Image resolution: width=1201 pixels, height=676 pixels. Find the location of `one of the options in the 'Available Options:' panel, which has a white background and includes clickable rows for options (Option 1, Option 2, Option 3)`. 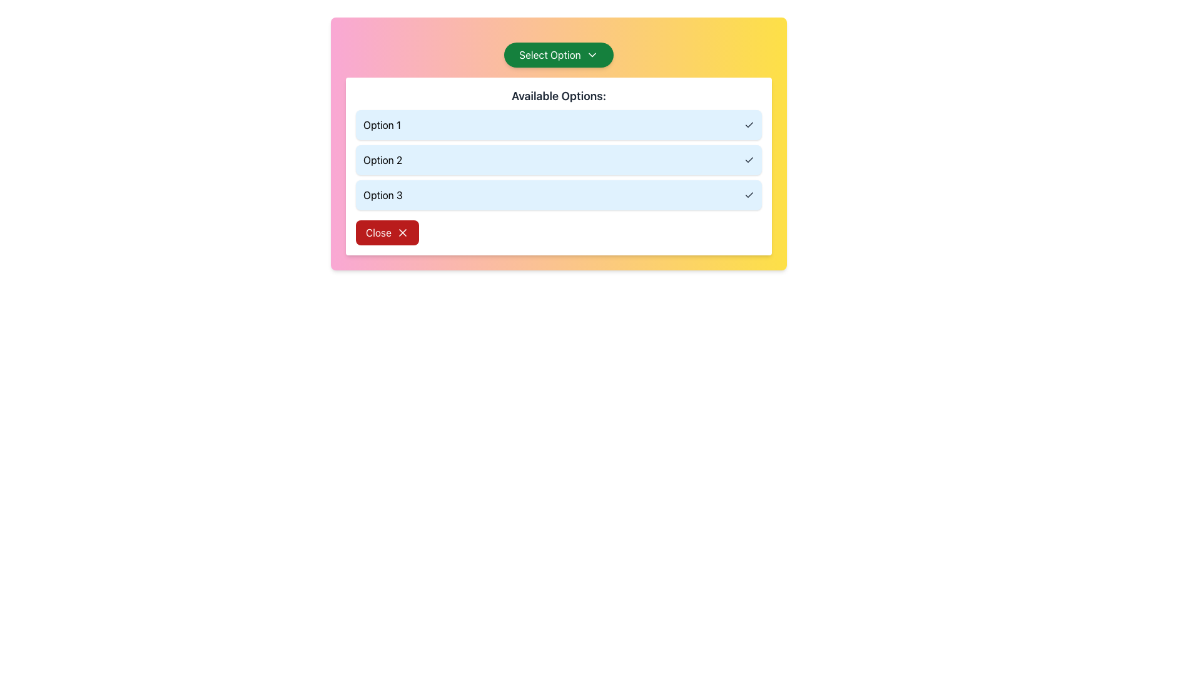

one of the options in the 'Available Options:' panel, which has a white background and includes clickable rows for options (Option 1, Option 2, Option 3) is located at coordinates (558, 166).